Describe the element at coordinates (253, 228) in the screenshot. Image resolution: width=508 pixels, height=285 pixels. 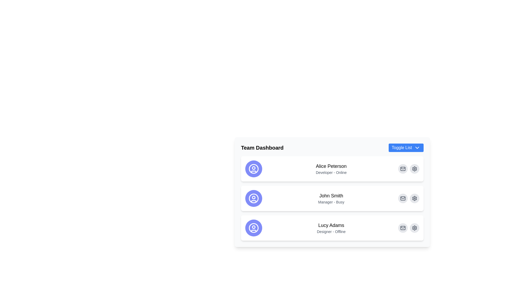
I see `the Avatar button with an indigo background and white user icon, located within the card that contains 'Lucy Adams Designer - Offline'` at that location.